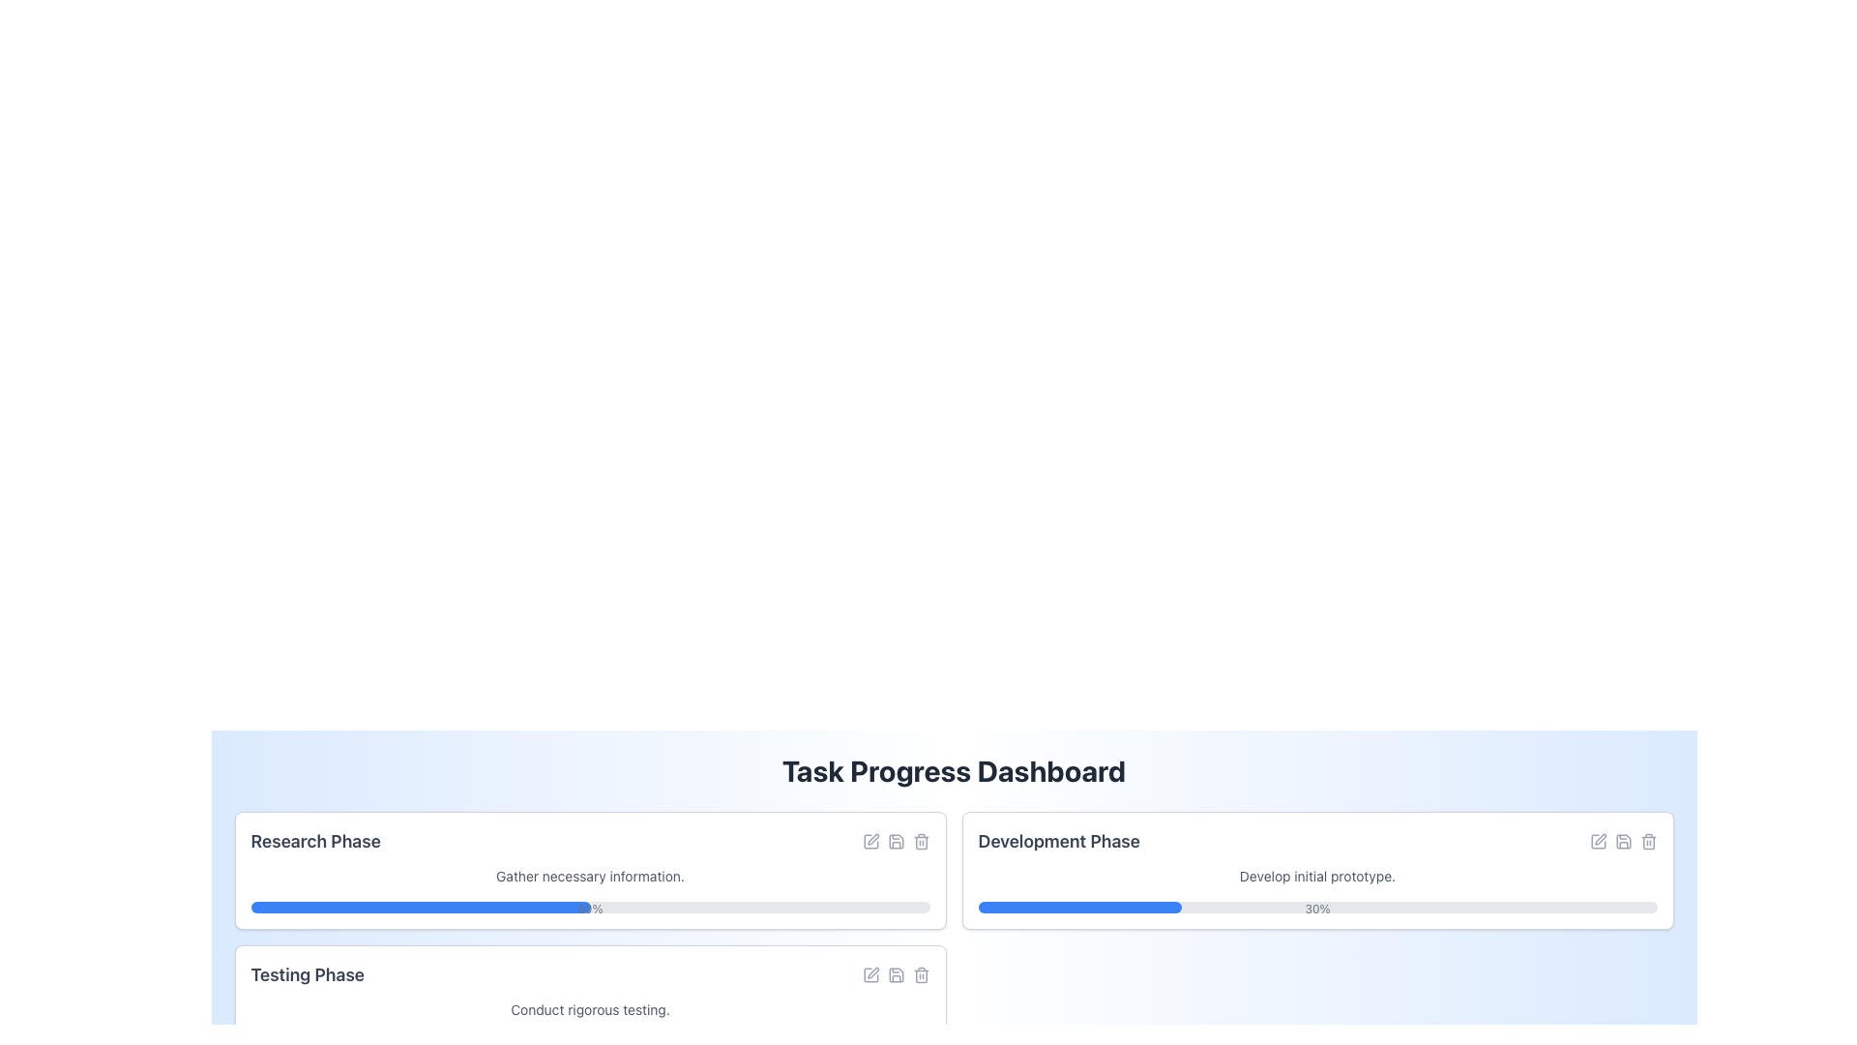  Describe the element at coordinates (1316, 907) in the screenshot. I see `the progress bar indicating 30% completion within the 'Development Phase' card` at that location.